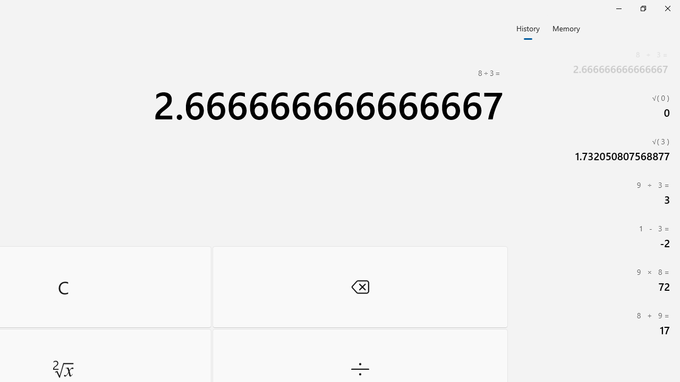  What do you see at coordinates (595, 236) in the screenshot?
I see `'1 Minus ( 3= Minus (2'` at bounding box center [595, 236].